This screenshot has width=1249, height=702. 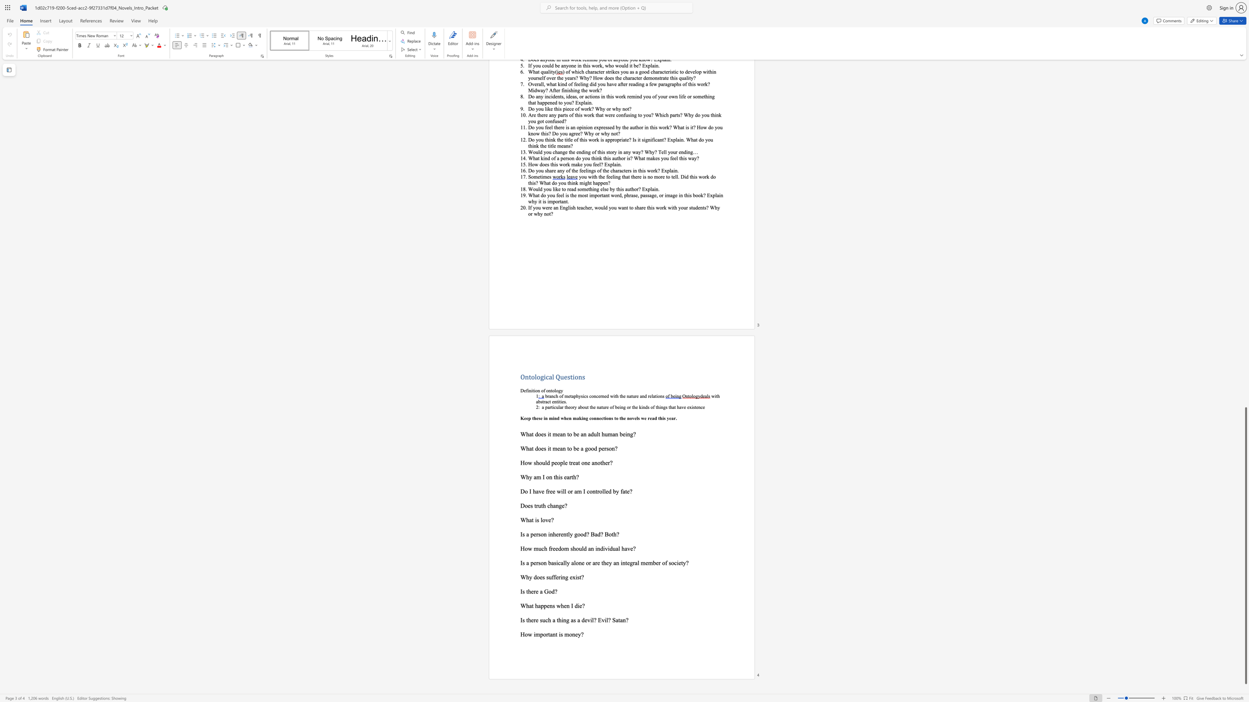 What do you see at coordinates (699, 406) in the screenshot?
I see `the 5th character "n" in the text` at bounding box center [699, 406].